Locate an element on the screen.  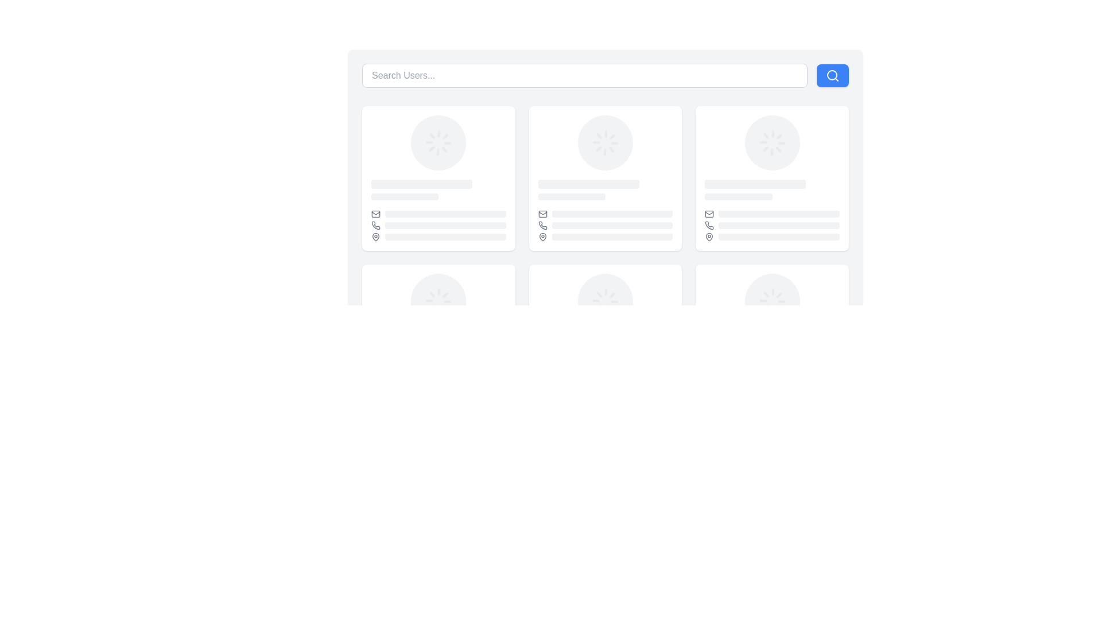
the rectangular button with a blue background and a white magnifying glass icon, located at the far-right end of the search input section is located at coordinates (832, 75).